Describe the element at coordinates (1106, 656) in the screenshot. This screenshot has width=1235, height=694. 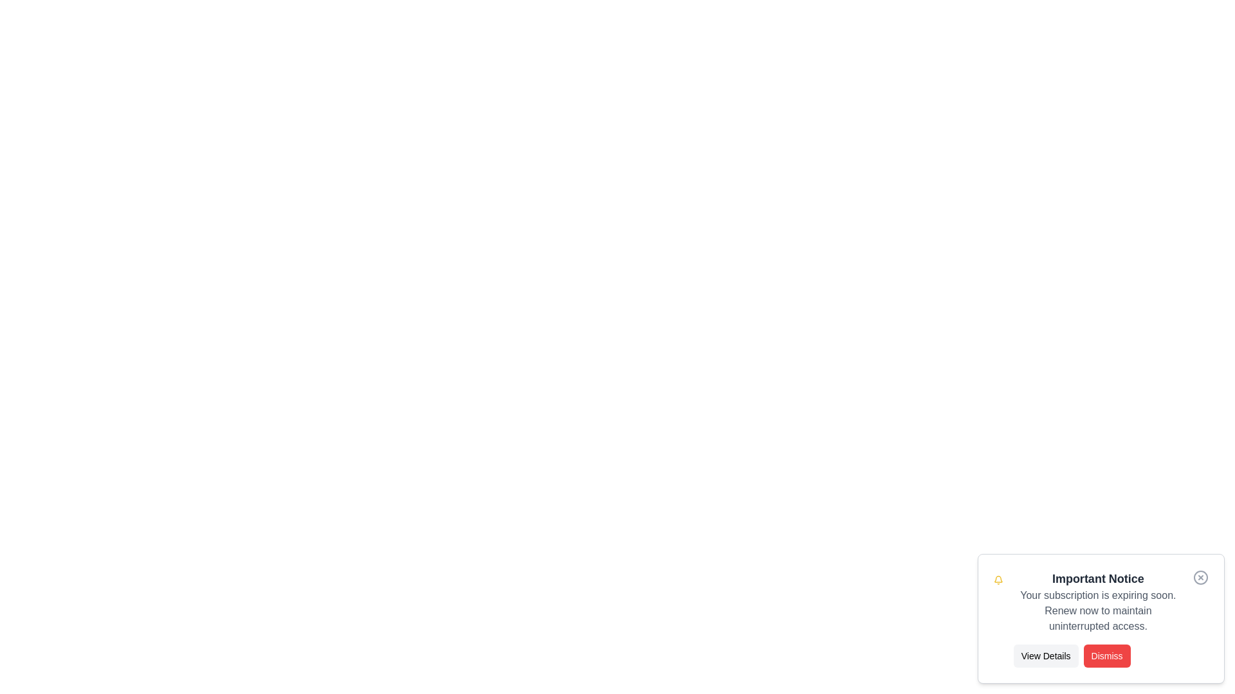
I see `the dismiss button located at the bottom-right of the component, adjacent to the 'View Details' button, to observe the hover effect` at that location.